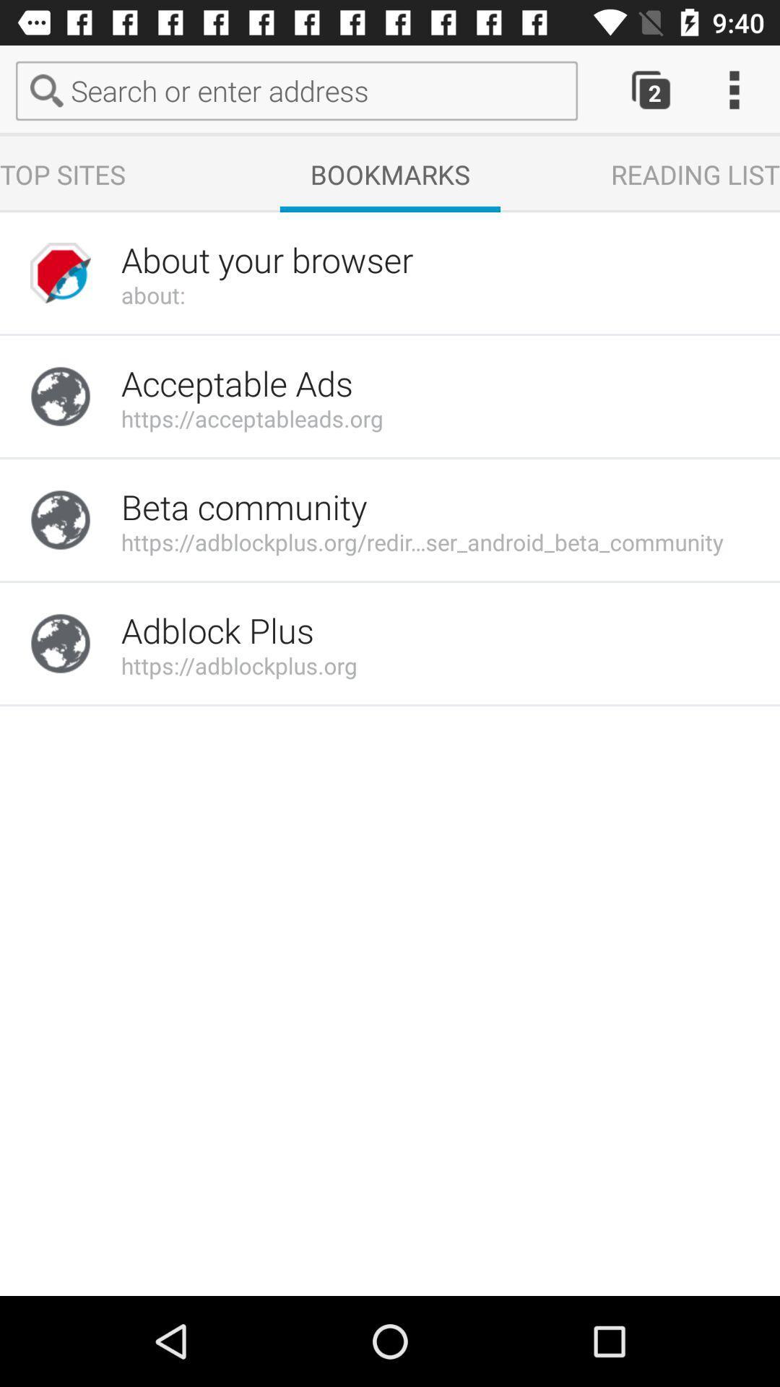 The width and height of the screenshot is (780, 1387). Describe the element at coordinates (60, 396) in the screenshot. I see `move to icon which is under the about your browser` at that location.